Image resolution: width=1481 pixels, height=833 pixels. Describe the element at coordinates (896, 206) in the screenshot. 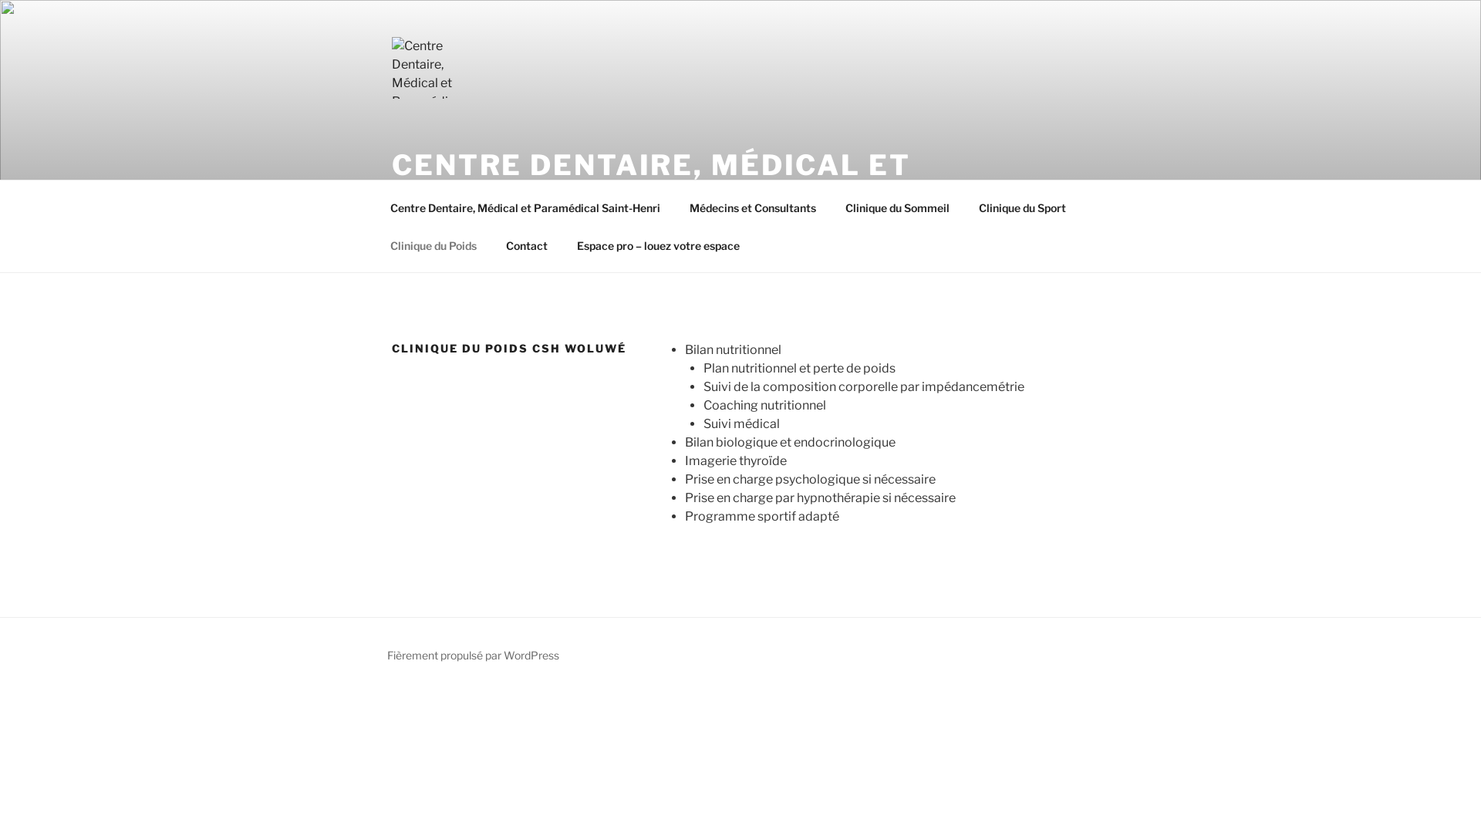

I see `'Clinique du Sommeil'` at that location.